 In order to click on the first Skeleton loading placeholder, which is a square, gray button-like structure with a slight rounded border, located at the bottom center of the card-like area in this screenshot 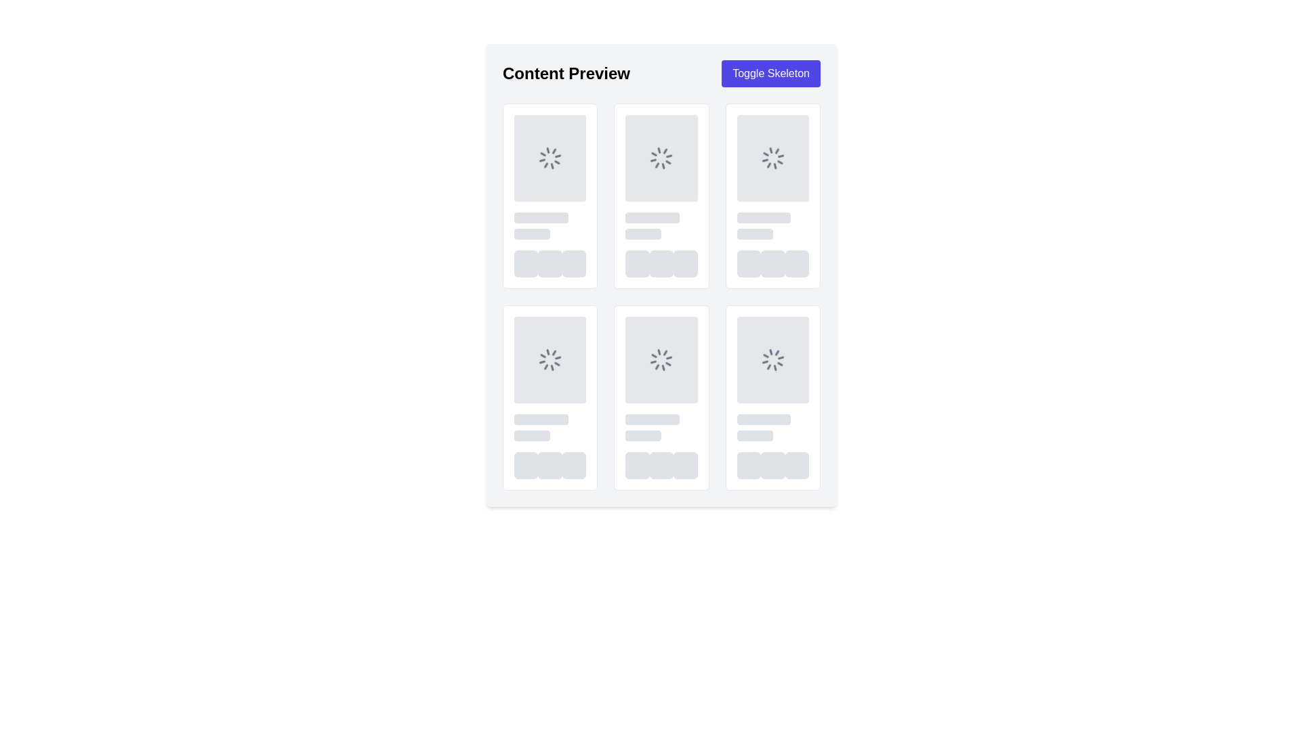, I will do `click(636, 464)`.